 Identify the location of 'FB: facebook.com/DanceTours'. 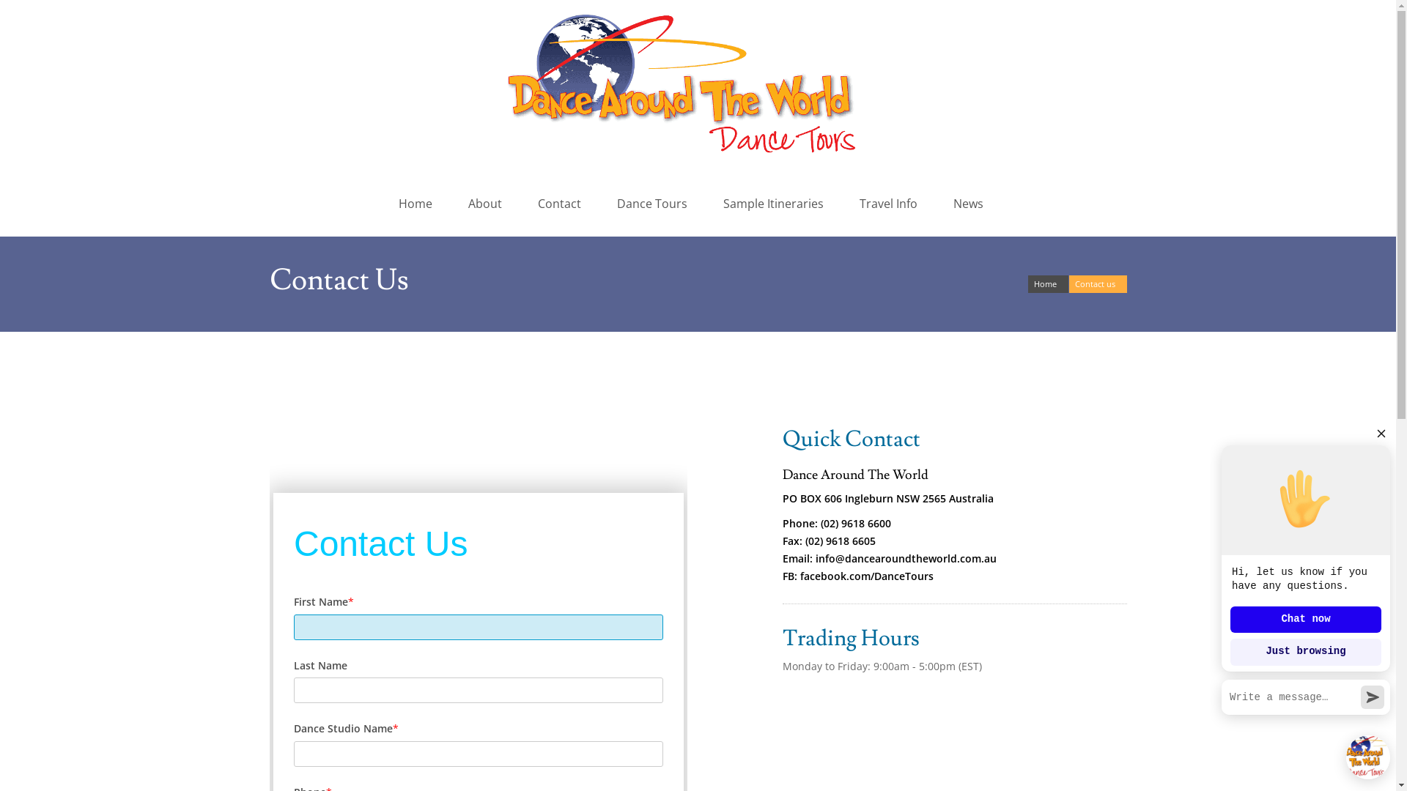
(858, 575).